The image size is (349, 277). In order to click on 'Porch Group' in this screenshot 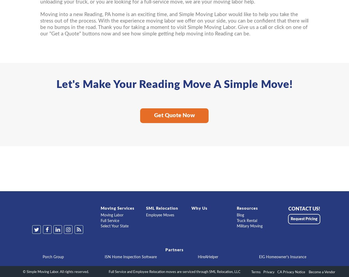, I will do `click(53, 257)`.